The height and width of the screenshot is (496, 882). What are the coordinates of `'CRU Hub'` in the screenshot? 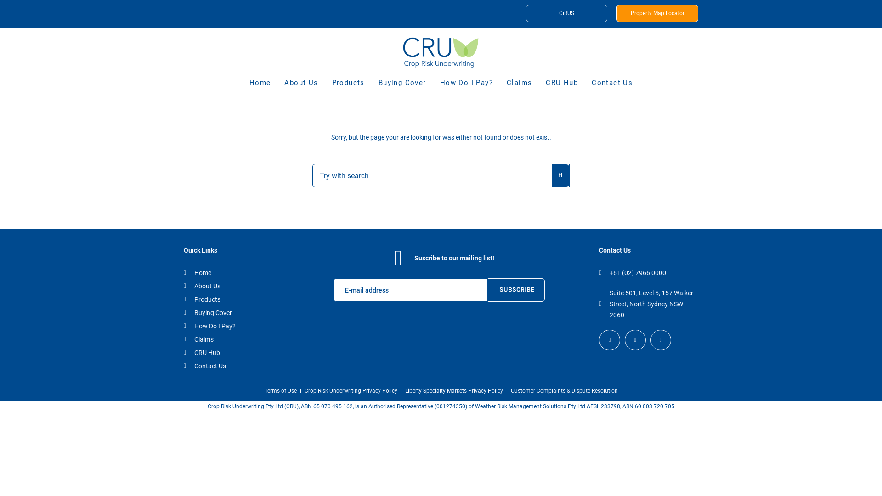 It's located at (232, 352).